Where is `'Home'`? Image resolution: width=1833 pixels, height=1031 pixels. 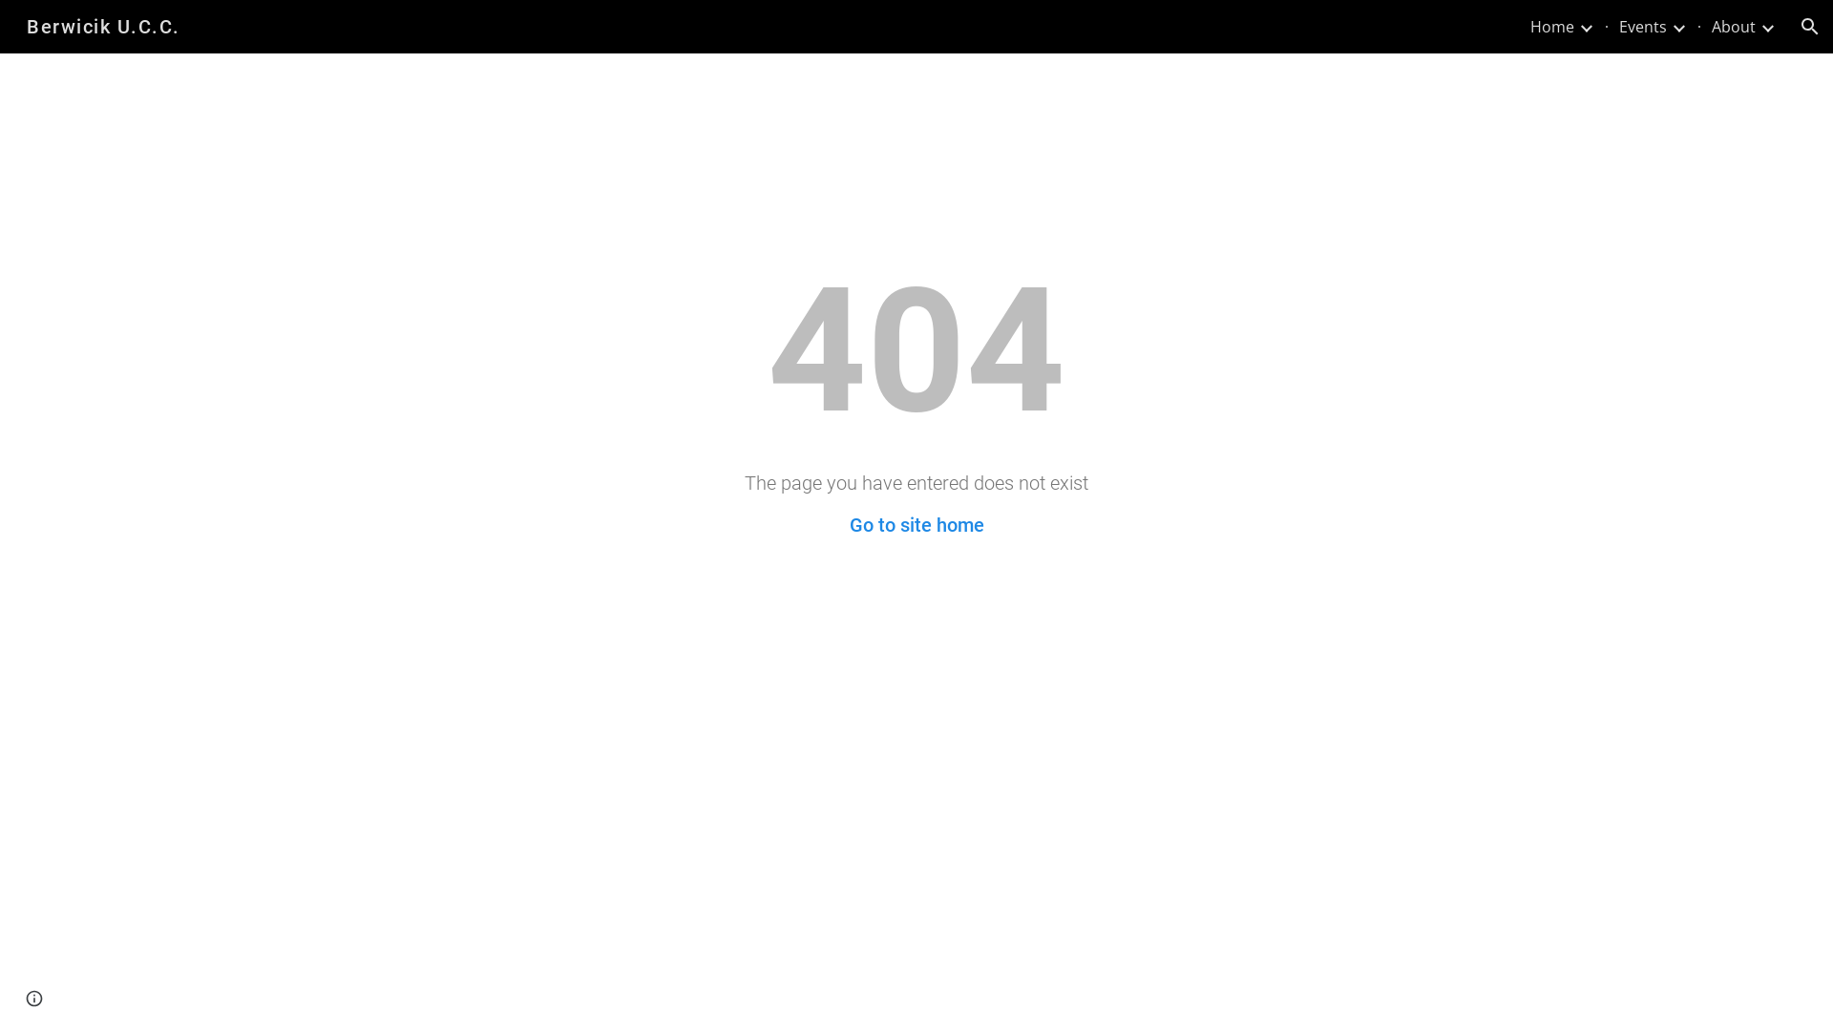 'Home' is located at coordinates (1552, 26).